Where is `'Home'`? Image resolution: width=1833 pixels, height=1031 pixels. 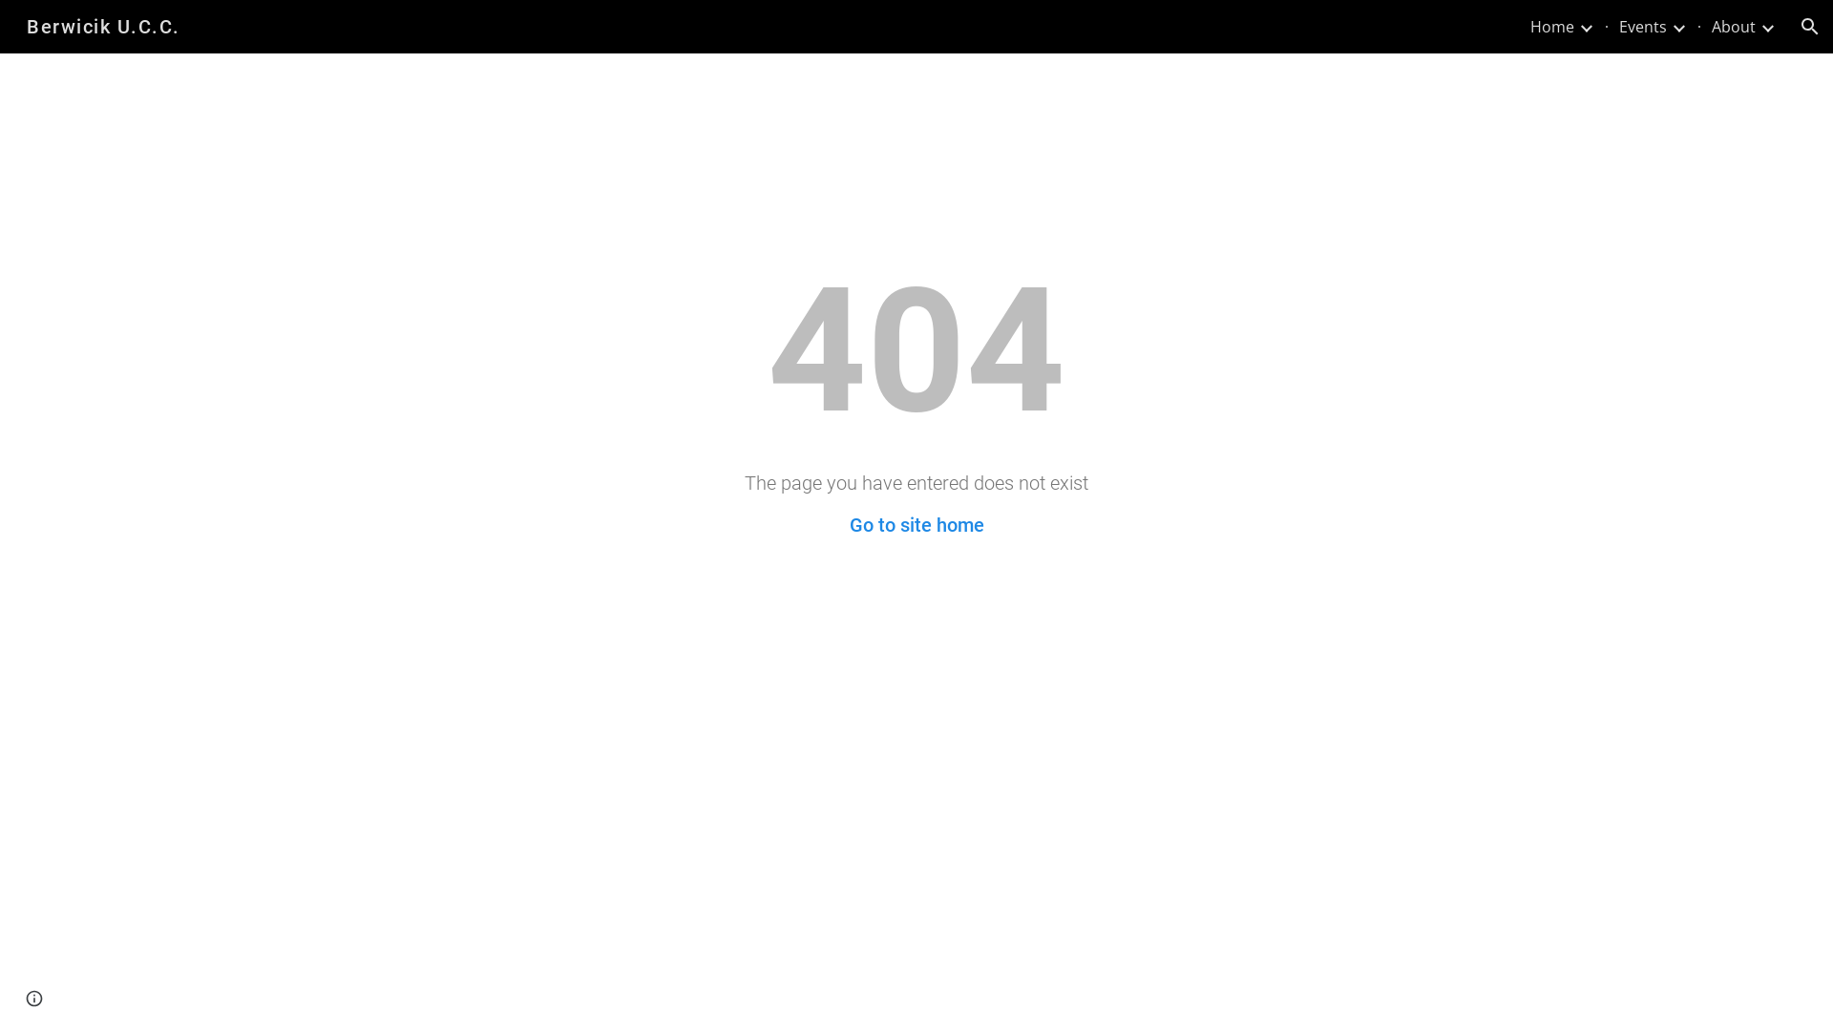 'Home' is located at coordinates (1552, 26).